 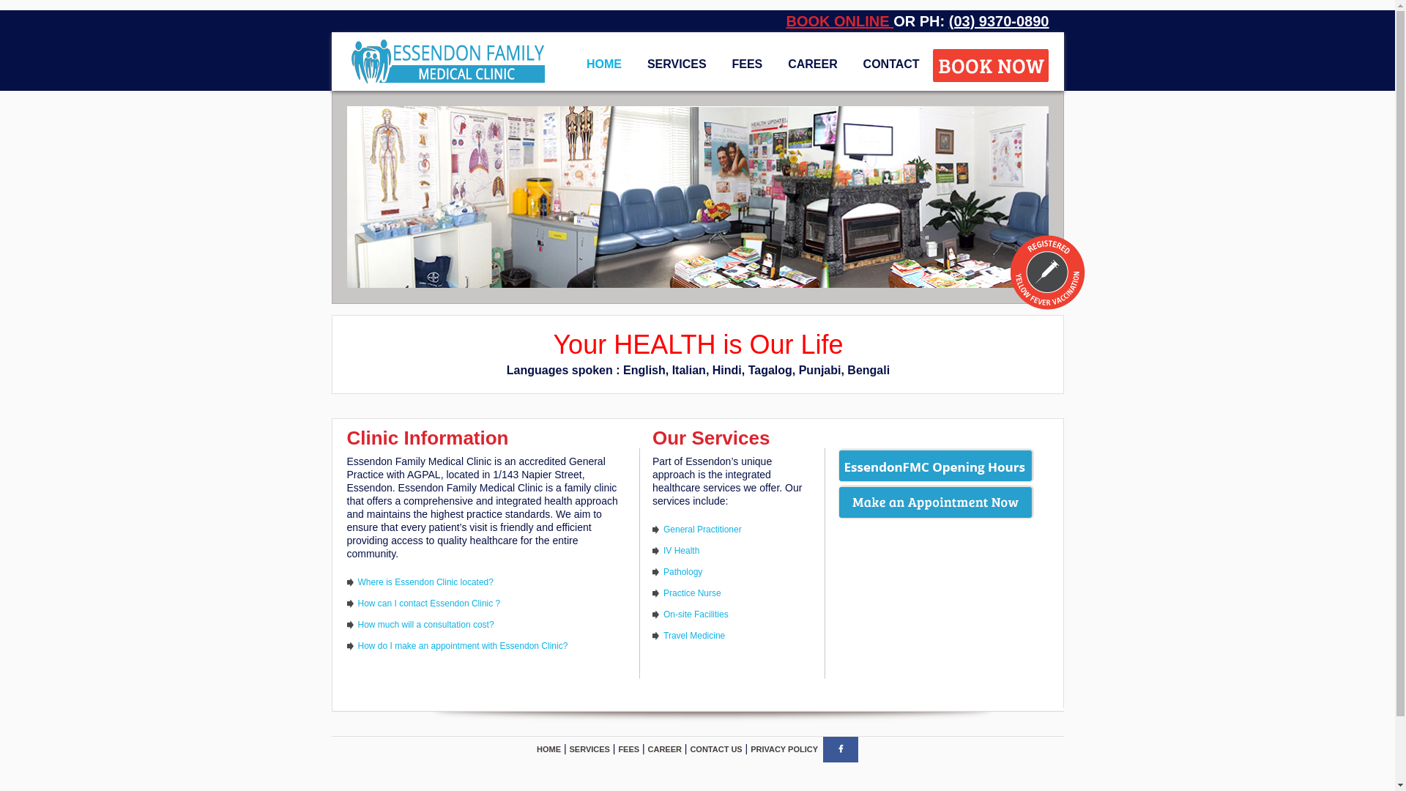 What do you see at coordinates (548, 749) in the screenshot?
I see `'HOME'` at bounding box center [548, 749].